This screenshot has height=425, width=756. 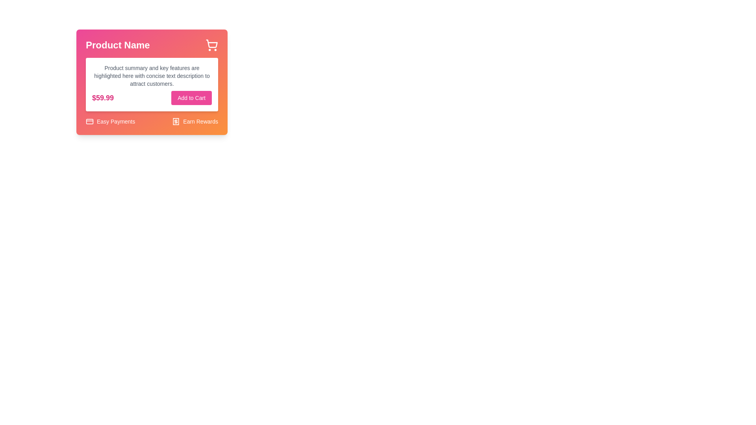 What do you see at coordinates (115, 121) in the screenshot?
I see `the 'Easy Payments' text label displayed in white font on a red-to-orange gradient background, located at the bottom-left section of the card, to the right of the credit card icon and to the left of 'Earn Rewards'` at bounding box center [115, 121].